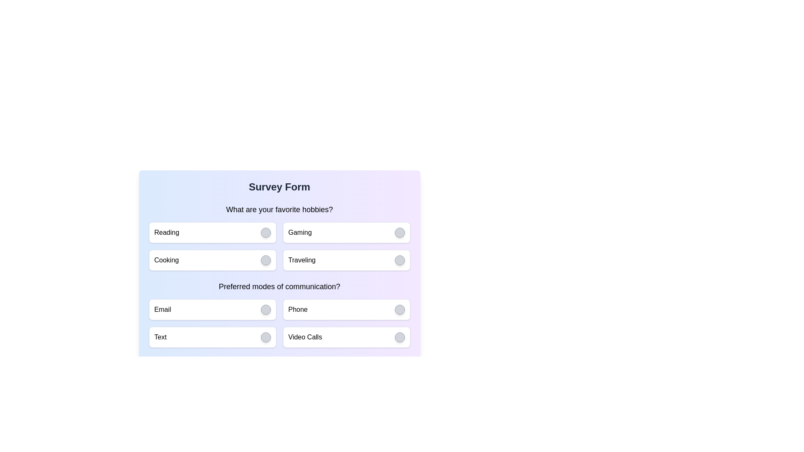 The height and width of the screenshot is (452, 804). Describe the element at coordinates (298, 310) in the screenshot. I see `'Phone' label indicating the mode of communication, which is located to the right of the 'Preferred modes of communication?' section and left of a circular interactive button` at that location.